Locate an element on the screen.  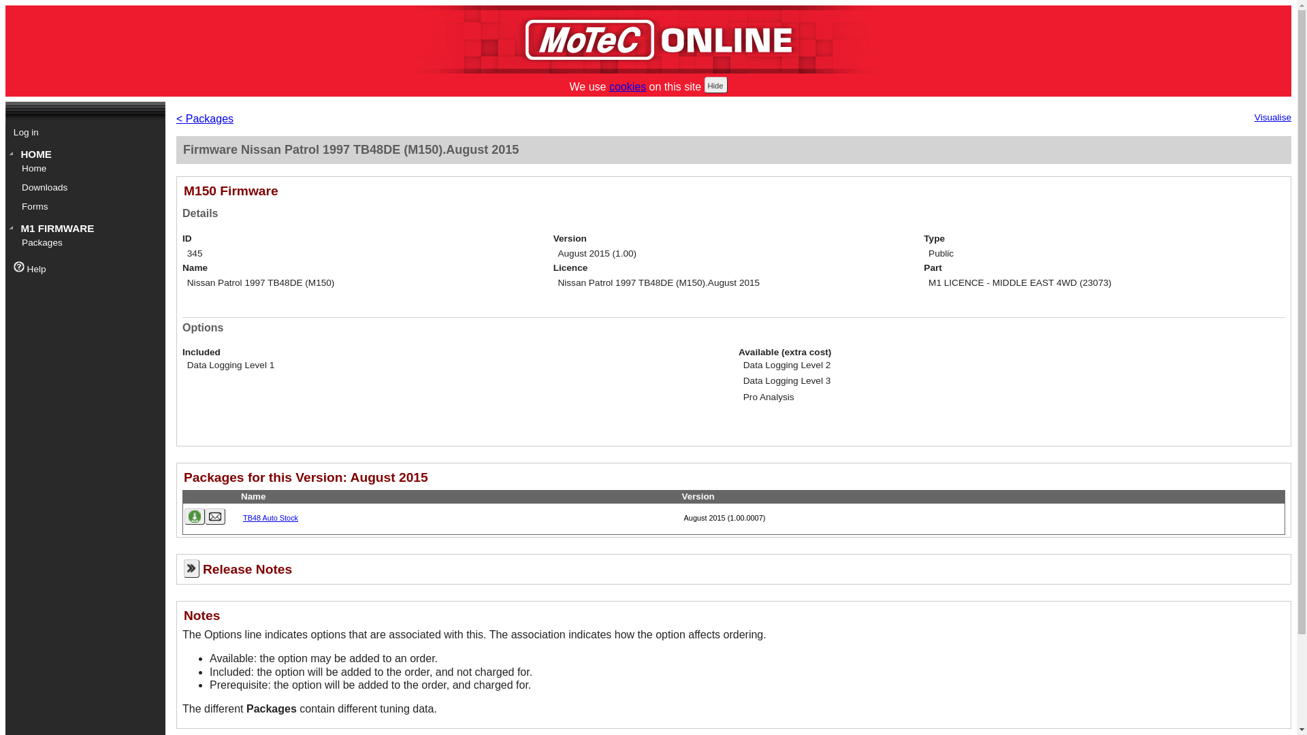
'cookies' is located at coordinates (626, 86).